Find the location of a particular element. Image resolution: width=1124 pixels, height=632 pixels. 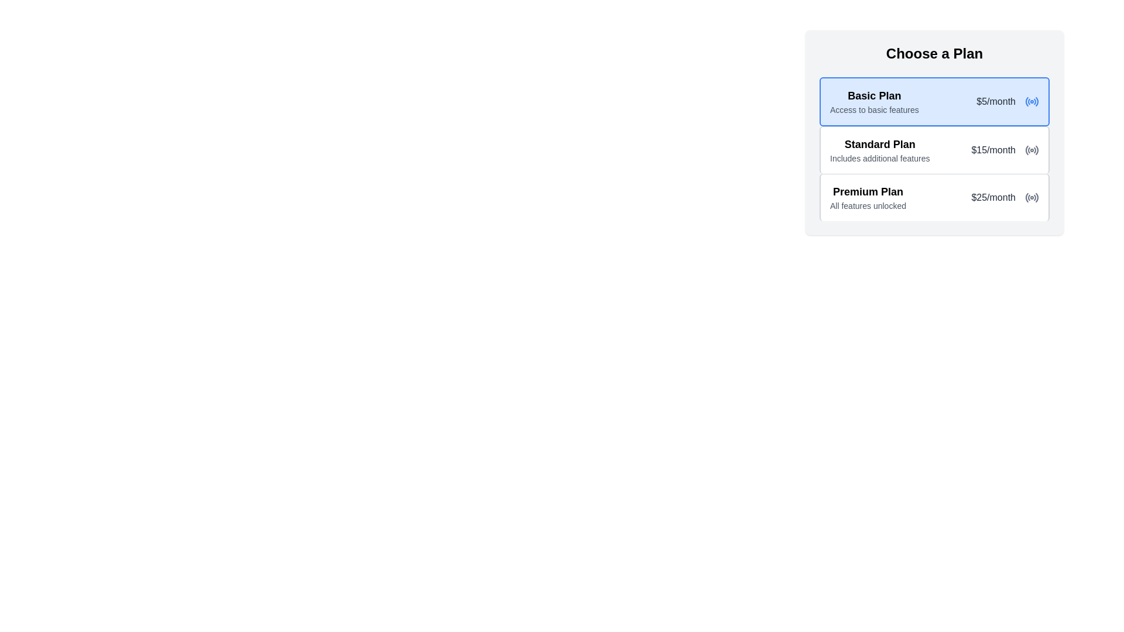

the second arc element of the radio button icon, which is part of a scalable vector graphic (SVG) in the top-right section of the interface is located at coordinates (1028, 101).